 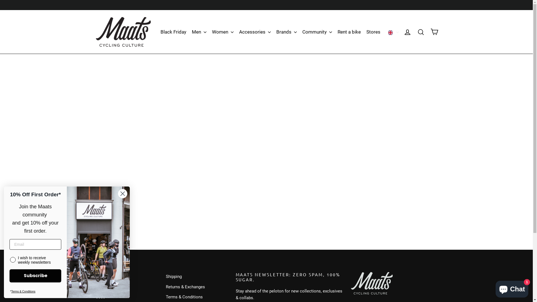 What do you see at coordinates (255, 32) in the screenshot?
I see `'Accessories'` at bounding box center [255, 32].